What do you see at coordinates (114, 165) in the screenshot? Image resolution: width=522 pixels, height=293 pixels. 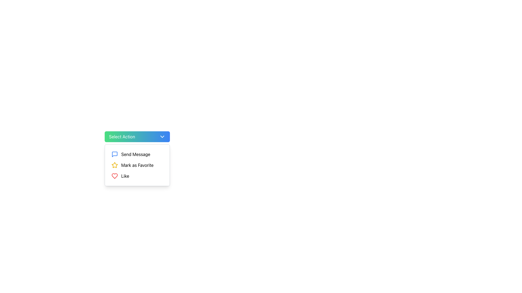 I see `the yellow star-shaped icon associated with the 'Mark as Favorite' text in the dropdown menu` at bounding box center [114, 165].